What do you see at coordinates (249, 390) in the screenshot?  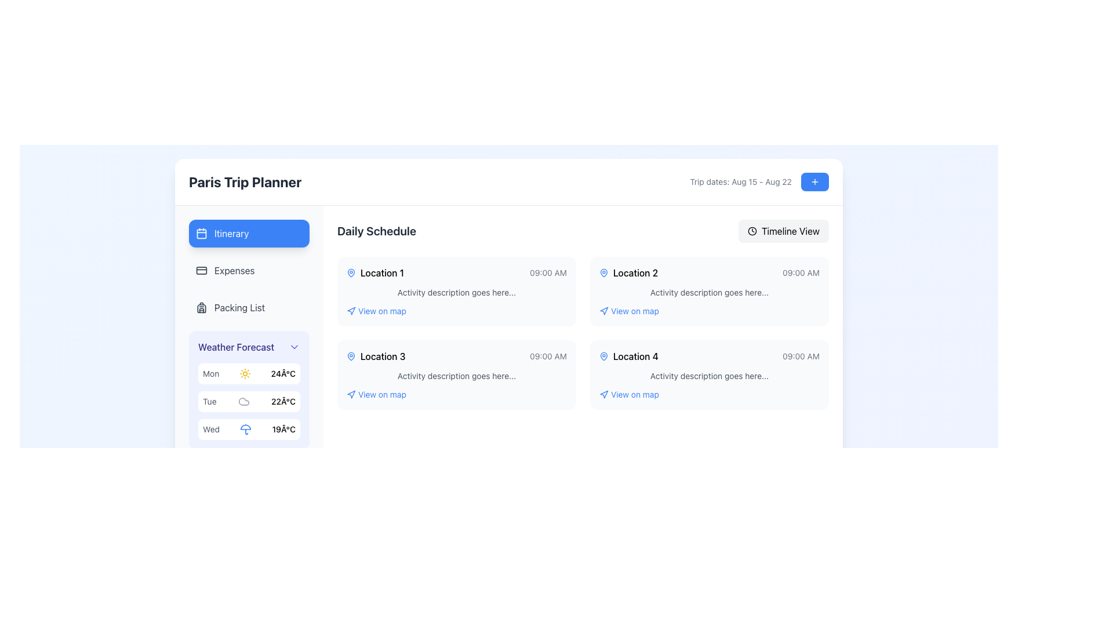 I see `weather forecast information displayed in the Information section located in the left sidebar, below the menu entries 'Itinerary', 'Expenses', and 'Packing List'` at bounding box center [249, 390].